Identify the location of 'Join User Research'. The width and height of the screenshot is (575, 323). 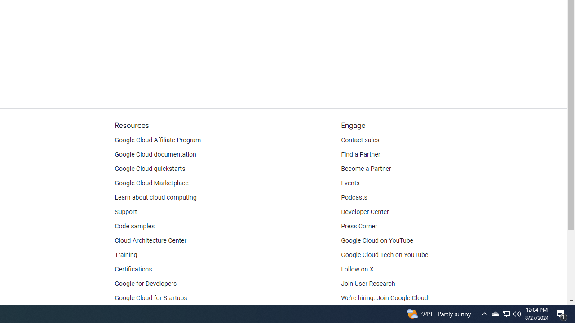
(368, 284).